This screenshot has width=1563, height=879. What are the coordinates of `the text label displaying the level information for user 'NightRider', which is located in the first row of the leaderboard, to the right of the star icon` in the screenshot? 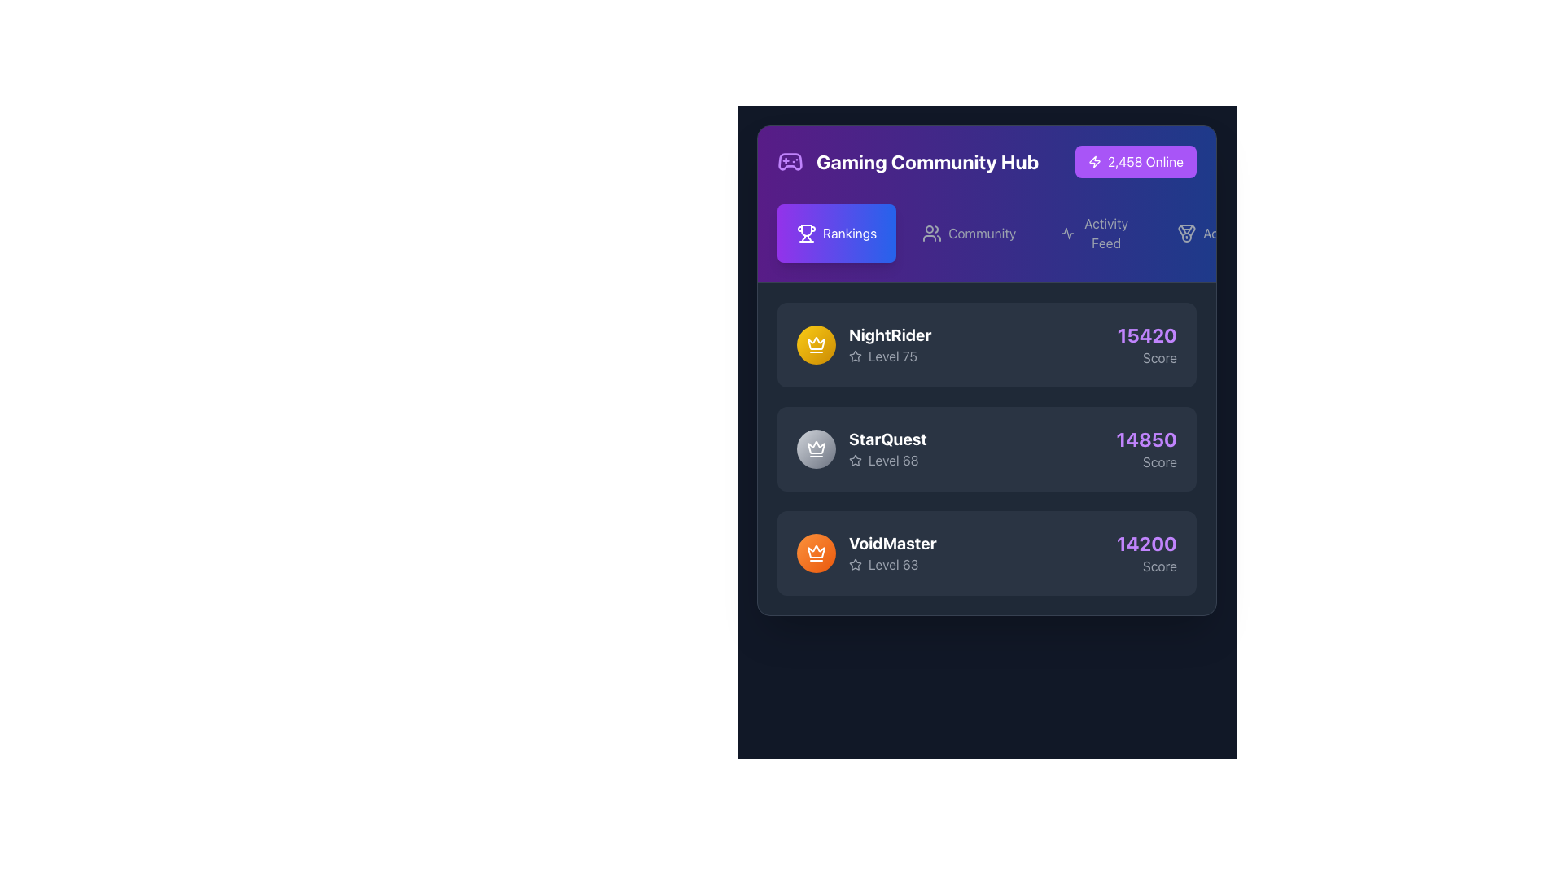 It's located at (892, 356).